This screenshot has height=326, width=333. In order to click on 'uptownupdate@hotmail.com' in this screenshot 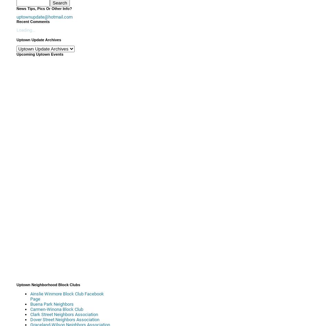, I will do `click(44, 17)`.